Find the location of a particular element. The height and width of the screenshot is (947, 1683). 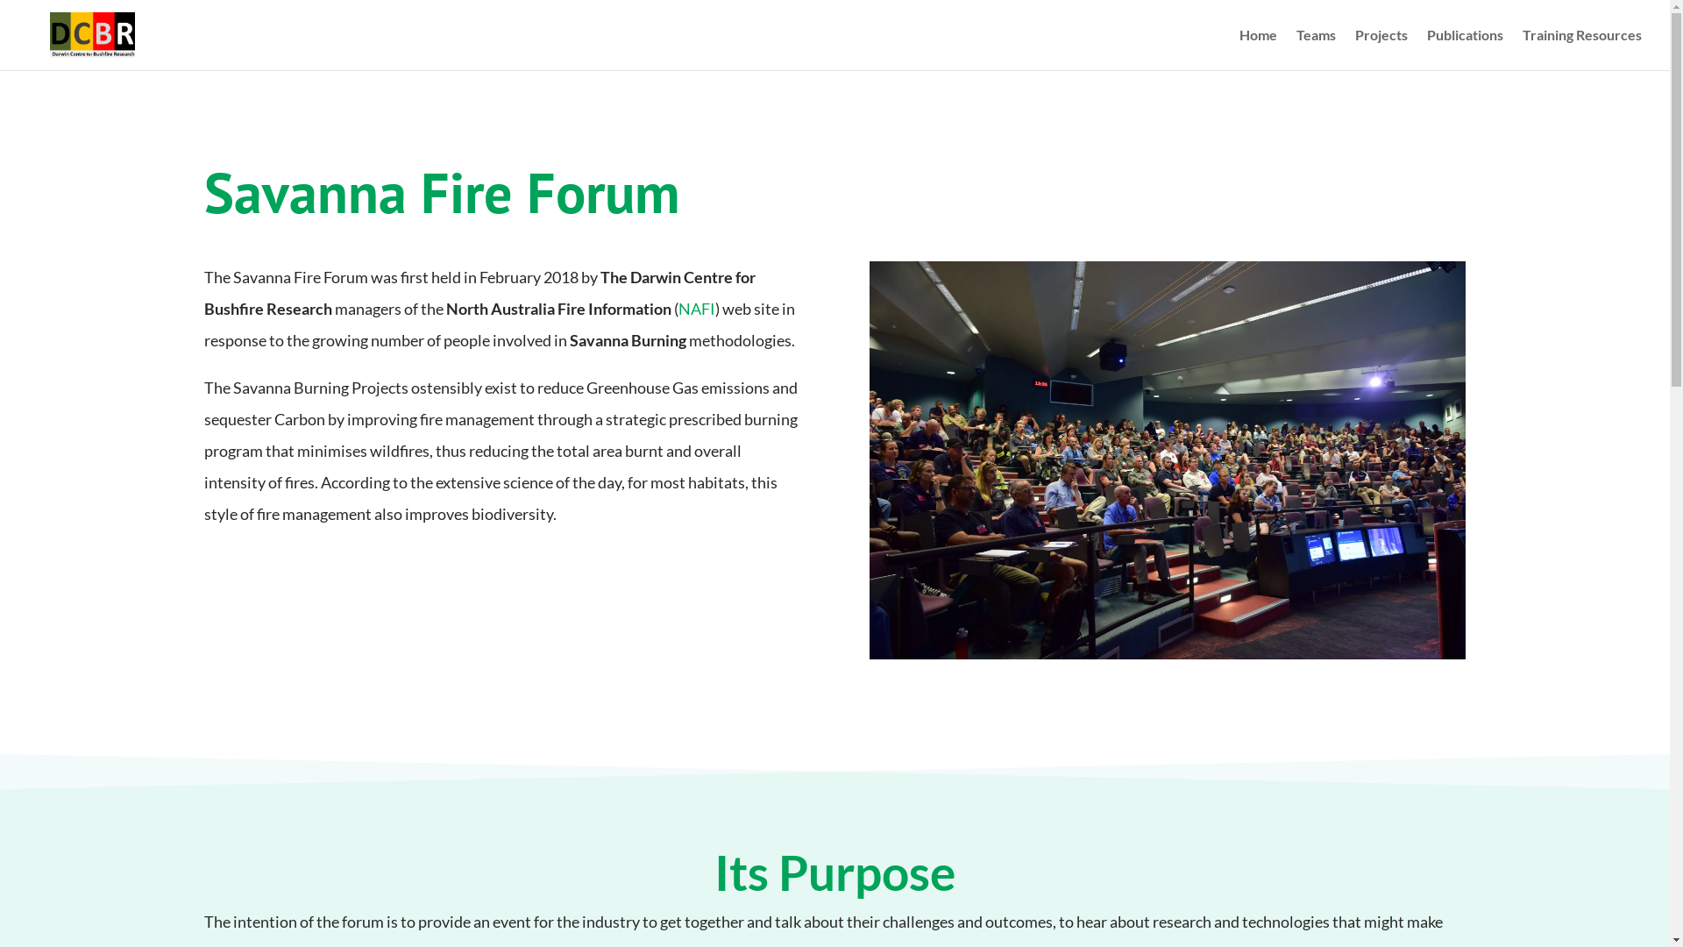

'Home' is located at coordinates (1257, 48).